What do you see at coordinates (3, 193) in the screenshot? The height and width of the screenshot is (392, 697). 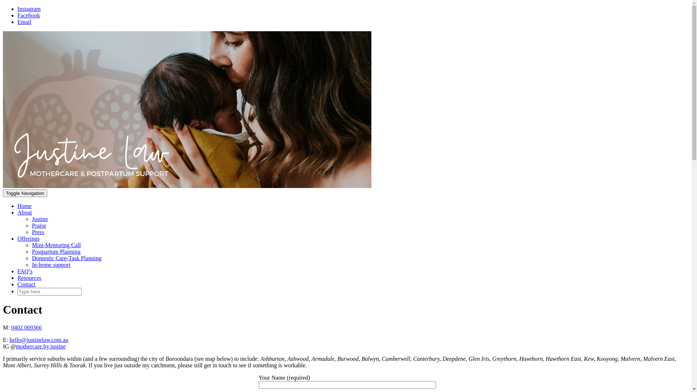 I see `'Toggle Navigation'` at bounding box center [3, 193].